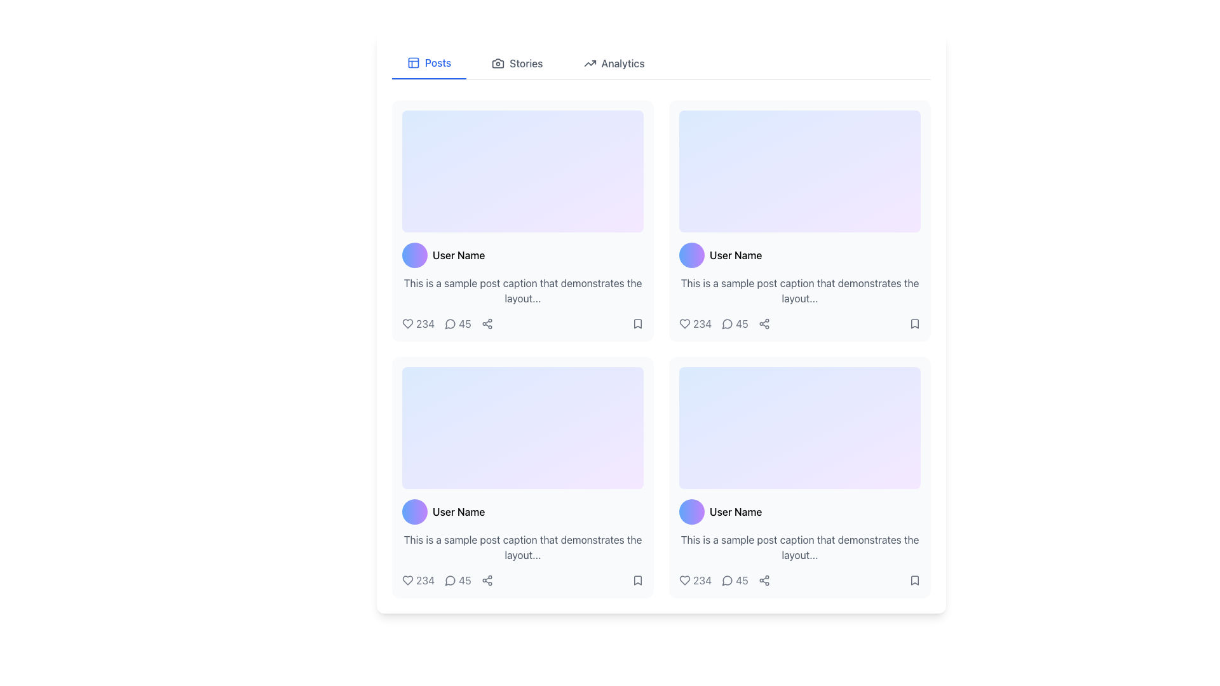 This screenshot has height=686, width=1220. What do you see at coordinates (429, 64) in the screenshot?
I see `the first navigation tab button` at bounding box center [429, 64].